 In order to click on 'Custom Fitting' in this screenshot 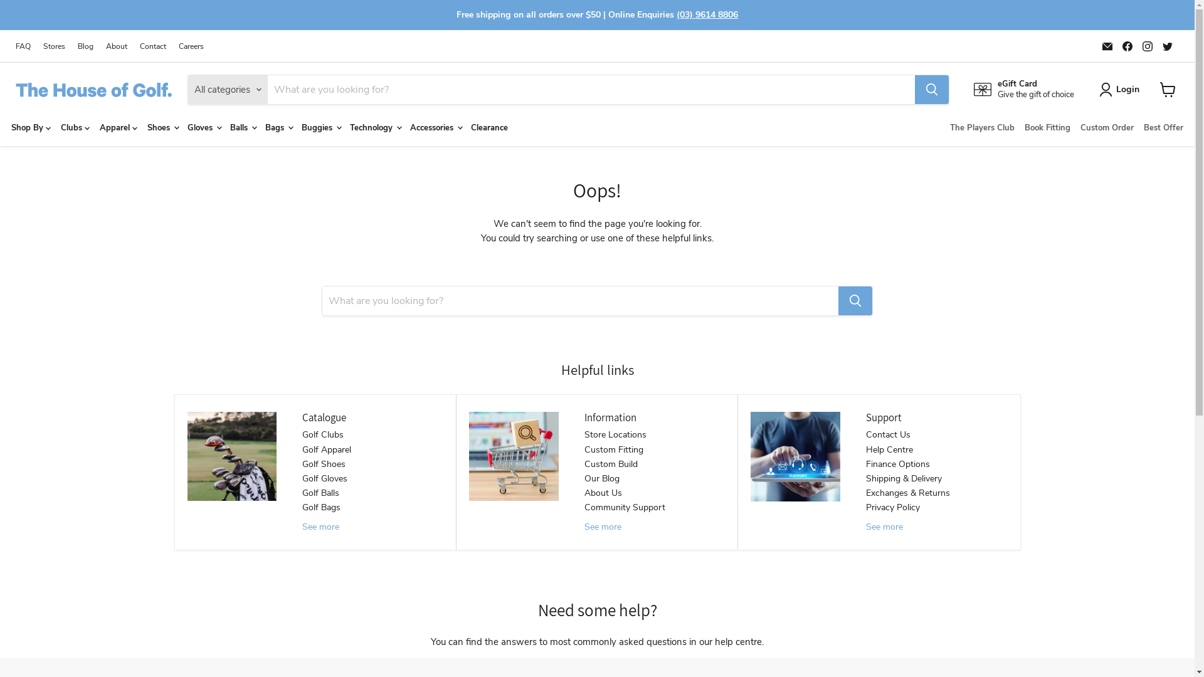, I will do `click(583, 449)`.